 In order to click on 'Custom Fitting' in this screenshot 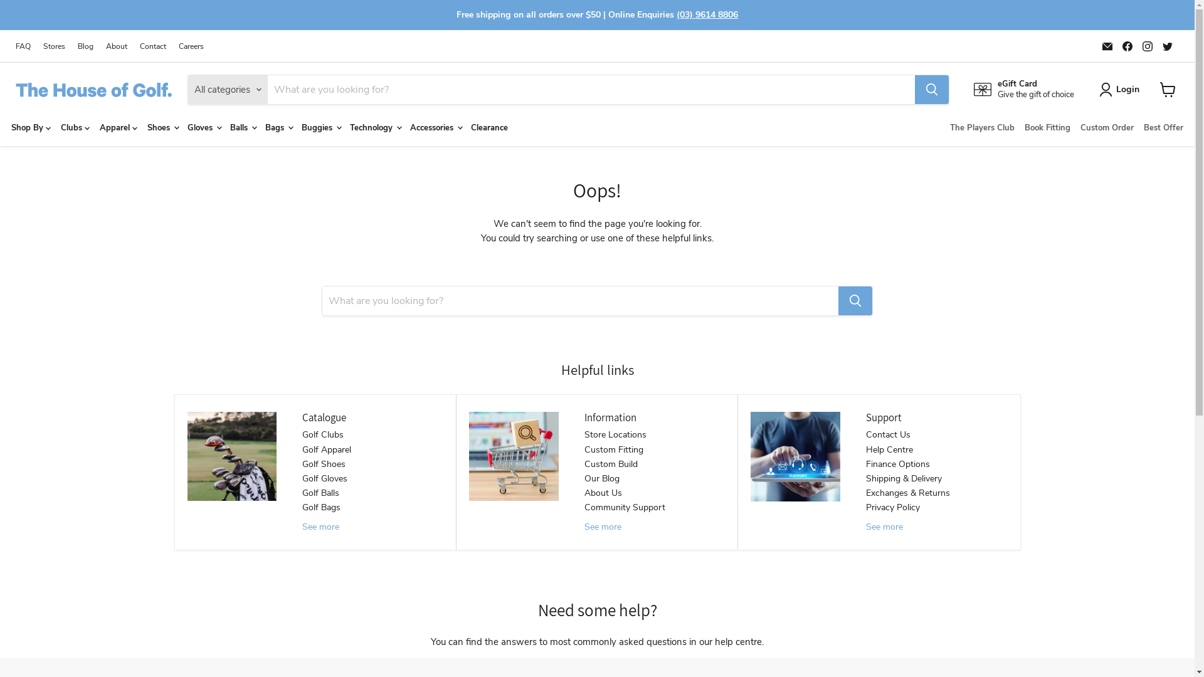, I will do `click(583, 449)`.